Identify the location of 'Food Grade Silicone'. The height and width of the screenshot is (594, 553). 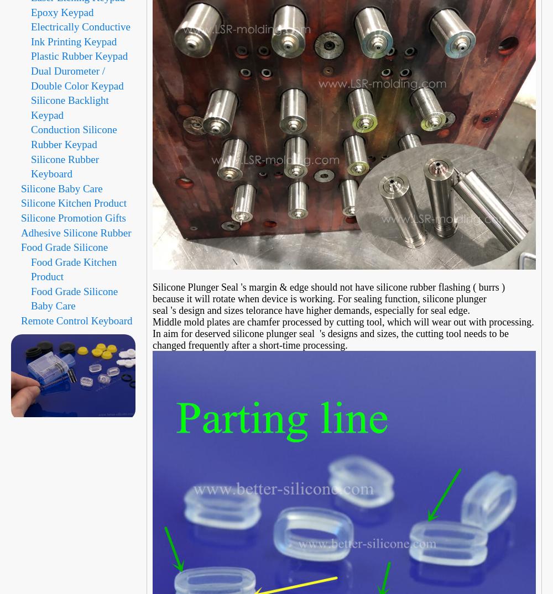
(64, 247).